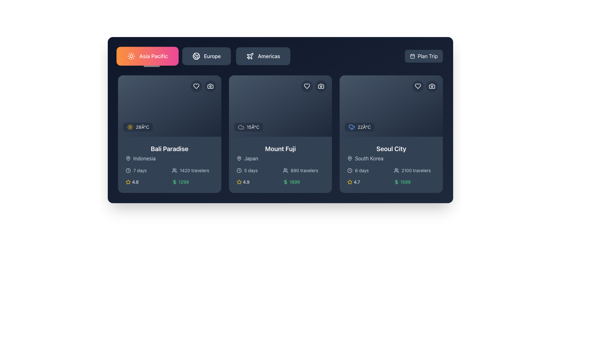 The image size is (614, 345). What do you see at coordinates (396, 182) in the screenshot?
I see `the monetary amount icon located to the left of the text '1599' in the lower section of the 'Seoul City' card` at bounding box center [396, 182].